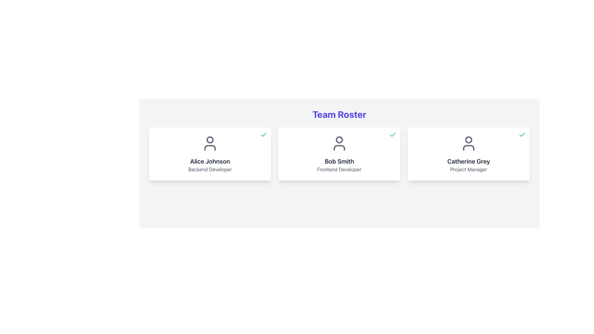 The width and height of the screenshot is (594, 334). I want to click on the light gray circular graphical element located above the user's name and role text within the leftmost card of three aligned cards, so click(210, 139).